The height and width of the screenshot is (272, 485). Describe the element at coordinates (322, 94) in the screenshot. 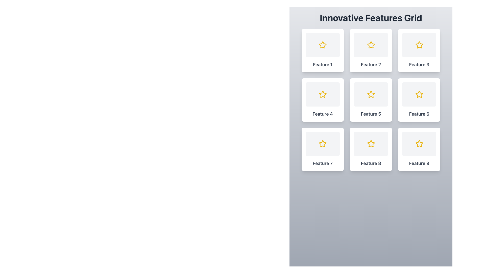

I see `the central star graphic within the fourth box of the grid layout labeled 'Feature 4'` at that location.